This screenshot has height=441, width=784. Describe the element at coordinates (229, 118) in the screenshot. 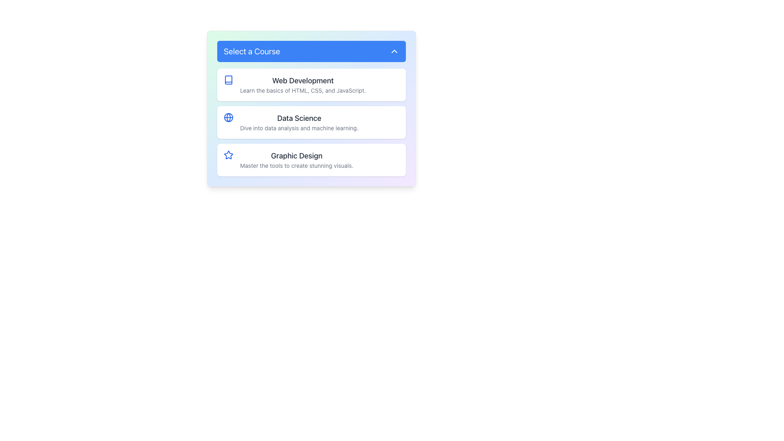

I see `the SVG Circle in the top-left corner of the 'Data Science' course selection menu` at that location.